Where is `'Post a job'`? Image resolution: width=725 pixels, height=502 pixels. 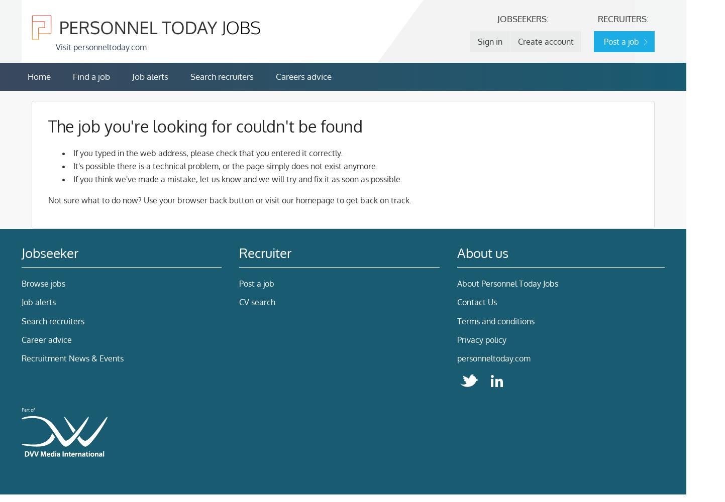
'Post a job' is located at coordinates (239, 283).